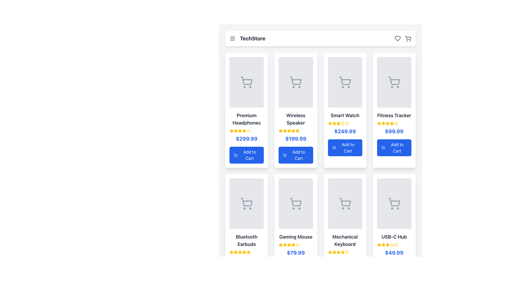 The image size is (507, 285). What do you see at coordinates (396, 245) in the screenshot?
I see `the fifth star icon in the rating system for the USB-C Hub product, located in the lower-right product card of the grid layout` at bounding box center [396, 245].